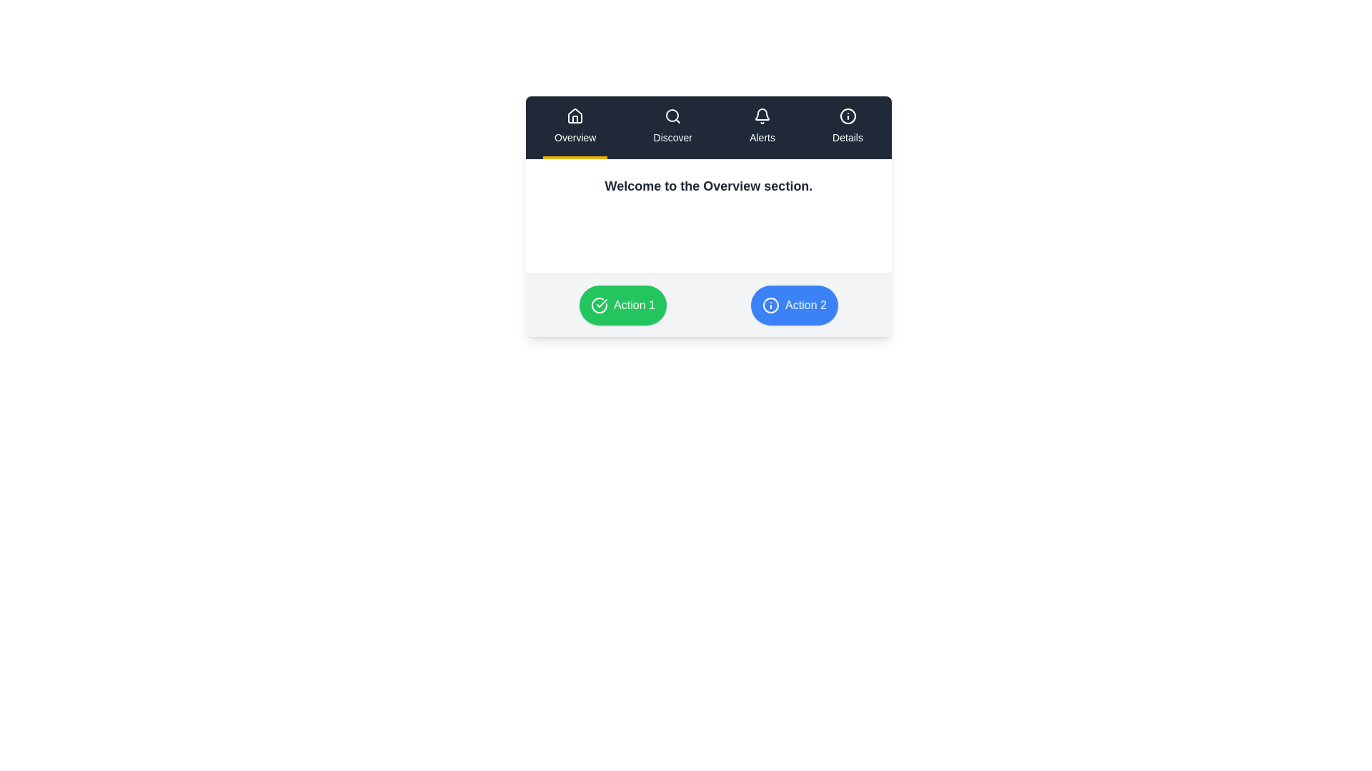  Describe the element at coordinates (762, 126) in the screenshot. I see `the 'Alerts' button, which features a bell icon on top and is positioned between 'Discover' and 'Details' in the navigation menu` at that location.